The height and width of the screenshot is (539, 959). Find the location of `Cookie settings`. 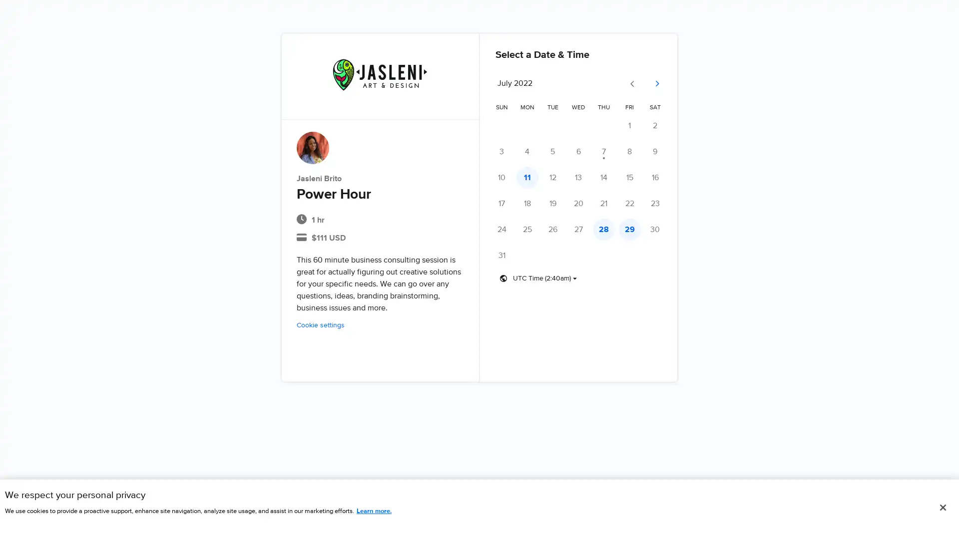

Cookie settings is located at coordinates (318, 325).